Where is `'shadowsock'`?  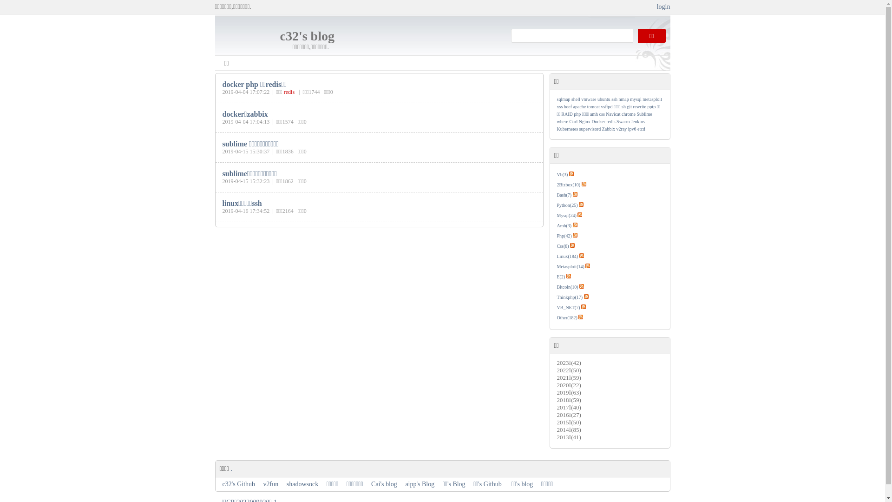 'shadowsock' is located at coordinates (302, 483).